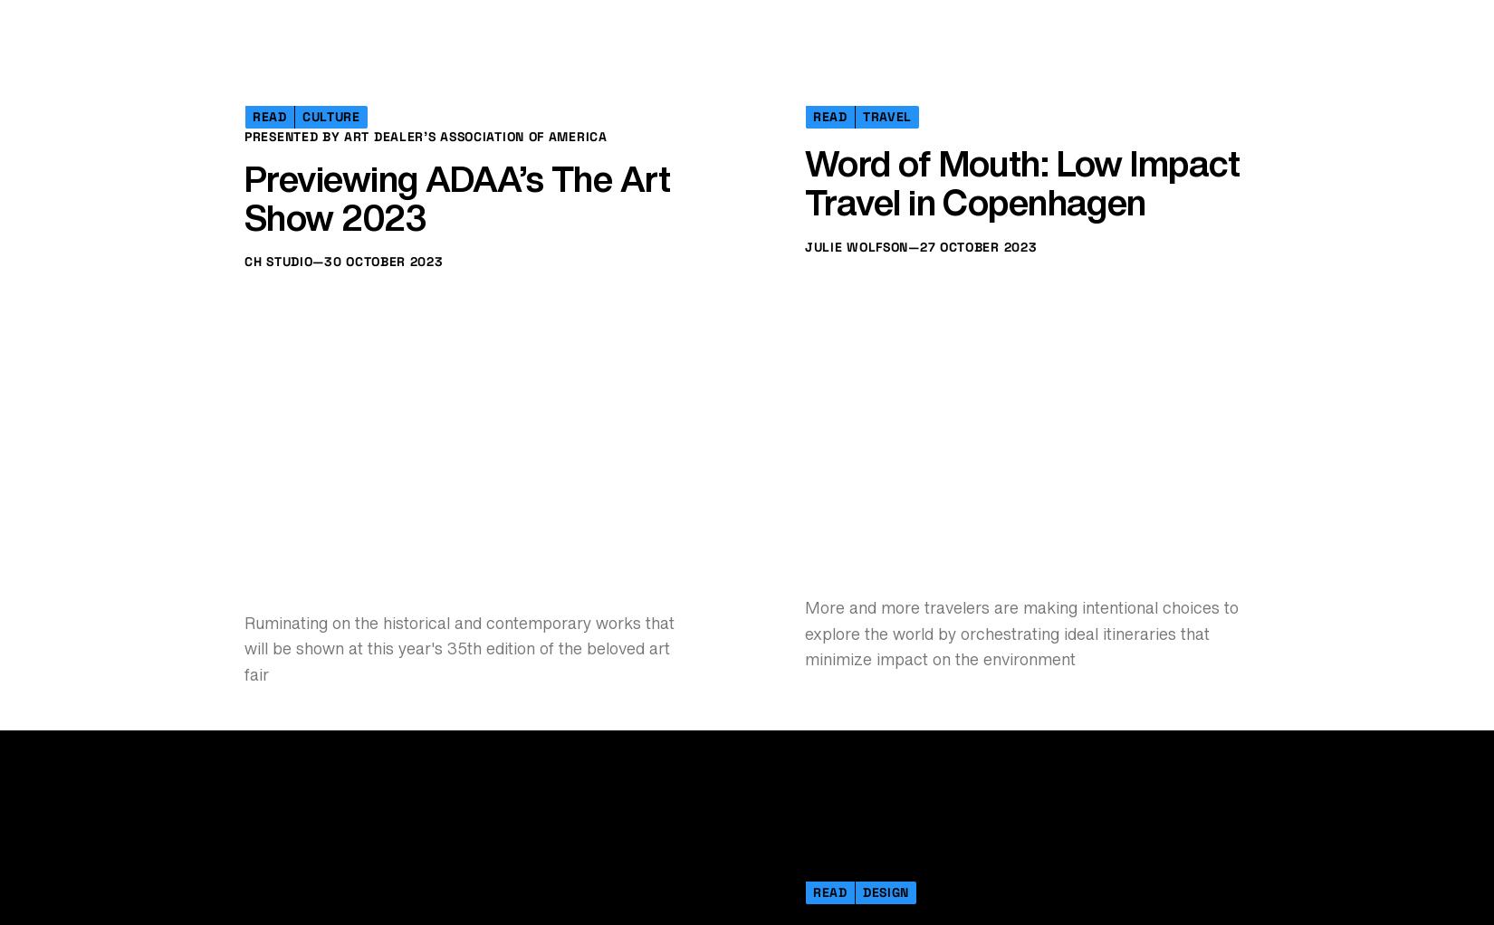 The width and height of the screenshot is (1494, 925). I want to click on '30 October 2023', so click(382, 654).